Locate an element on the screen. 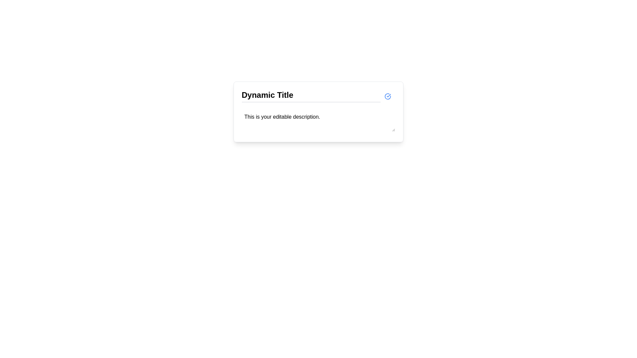 This screenshot has height=358, width=637. the editable text area that displays 'This is your editable description.' within the panel titled 'Dynamic Title' is located at coordinates (318, 121).